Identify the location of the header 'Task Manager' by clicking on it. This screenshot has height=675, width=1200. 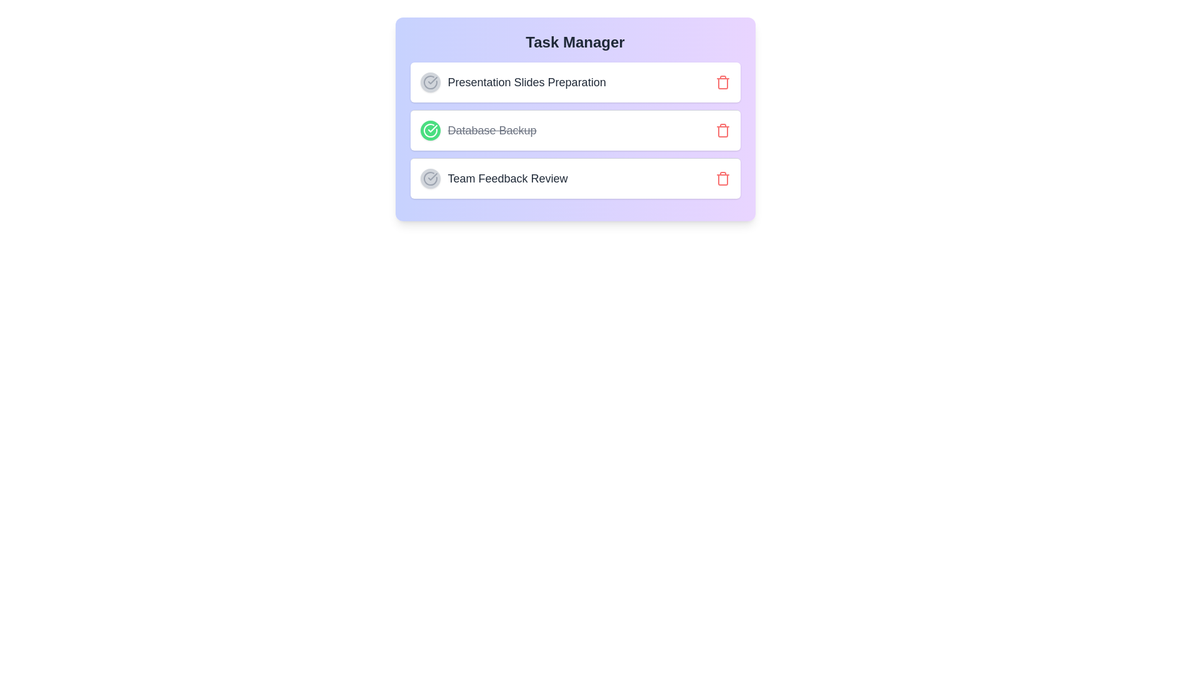
(574, 42).